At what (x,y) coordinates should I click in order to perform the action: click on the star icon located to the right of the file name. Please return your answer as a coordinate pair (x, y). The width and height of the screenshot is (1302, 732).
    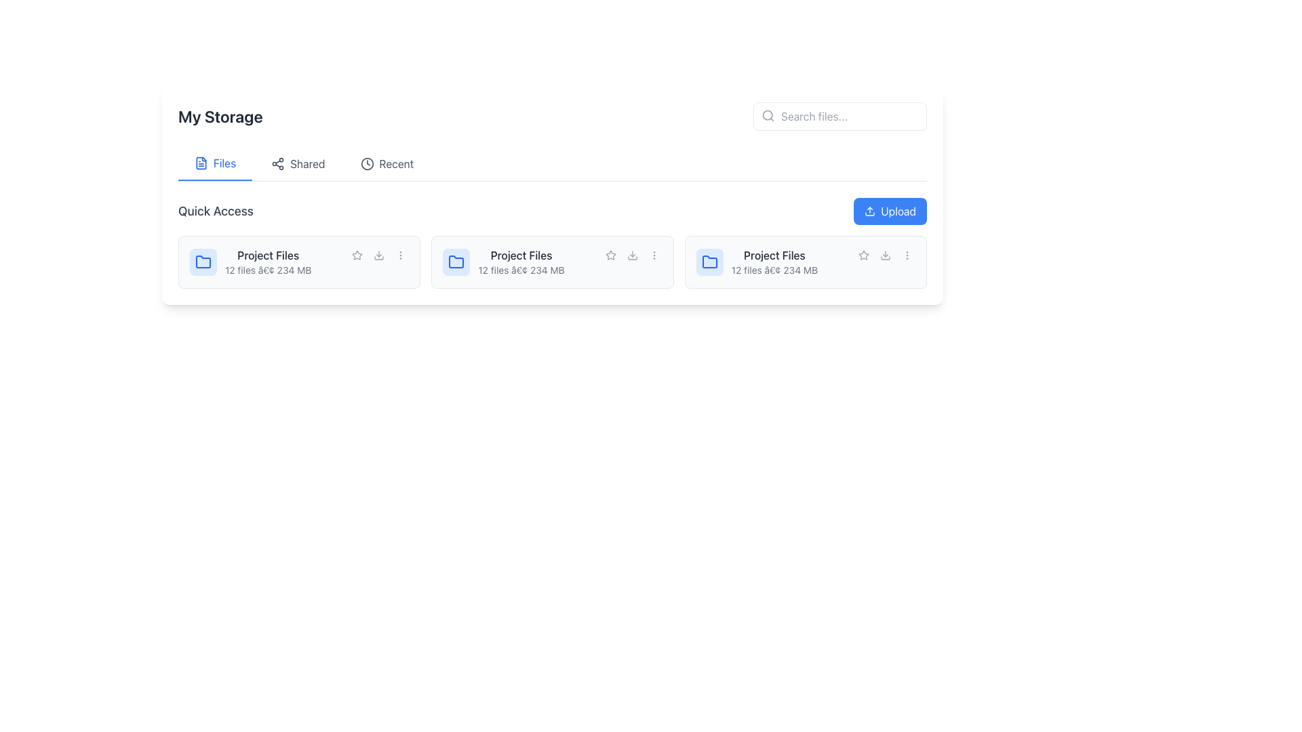
    Looking at the image, I should click on (863, 256).